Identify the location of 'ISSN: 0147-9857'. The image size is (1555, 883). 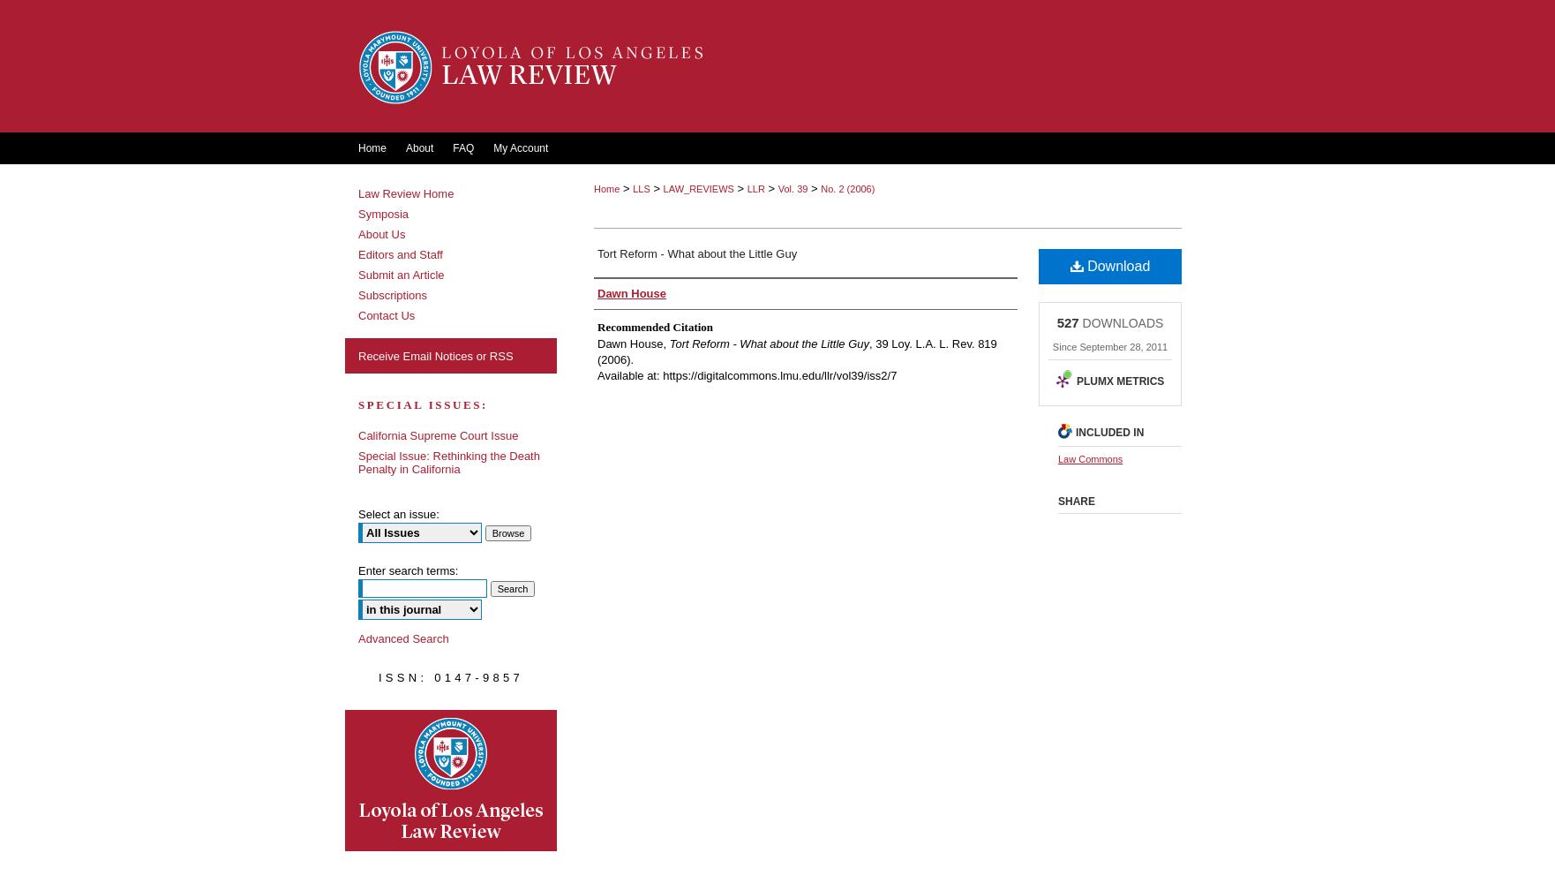
(449, 676).